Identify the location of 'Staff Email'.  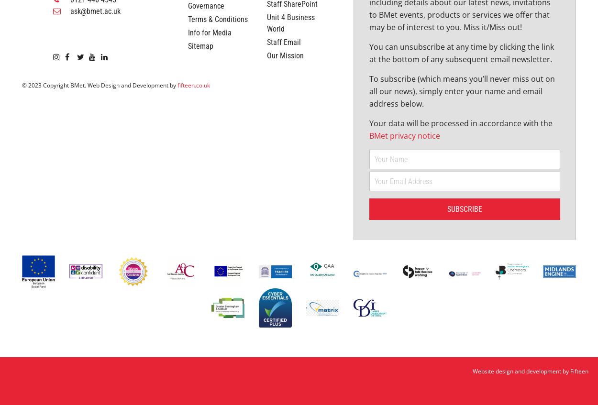
(267, 111).